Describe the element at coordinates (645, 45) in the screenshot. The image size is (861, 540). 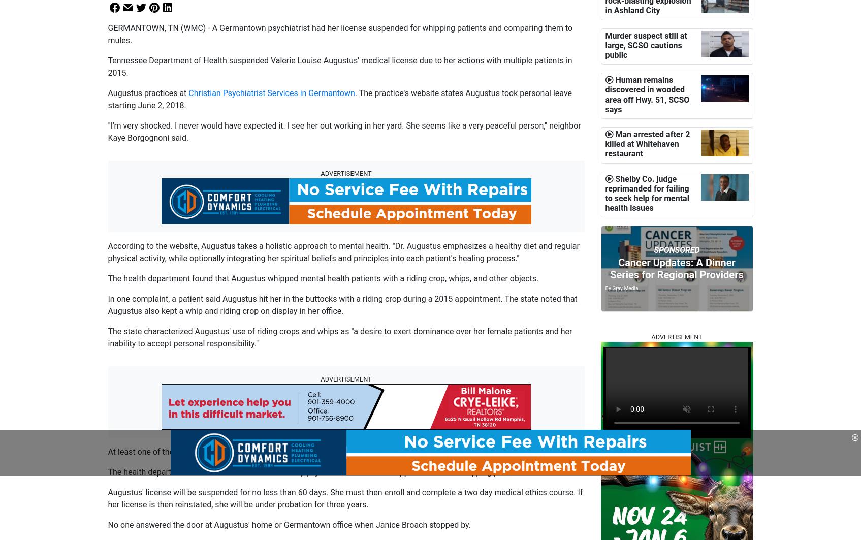
I see `'Murder suspect still at large, SCSO cautions public'` at that location.